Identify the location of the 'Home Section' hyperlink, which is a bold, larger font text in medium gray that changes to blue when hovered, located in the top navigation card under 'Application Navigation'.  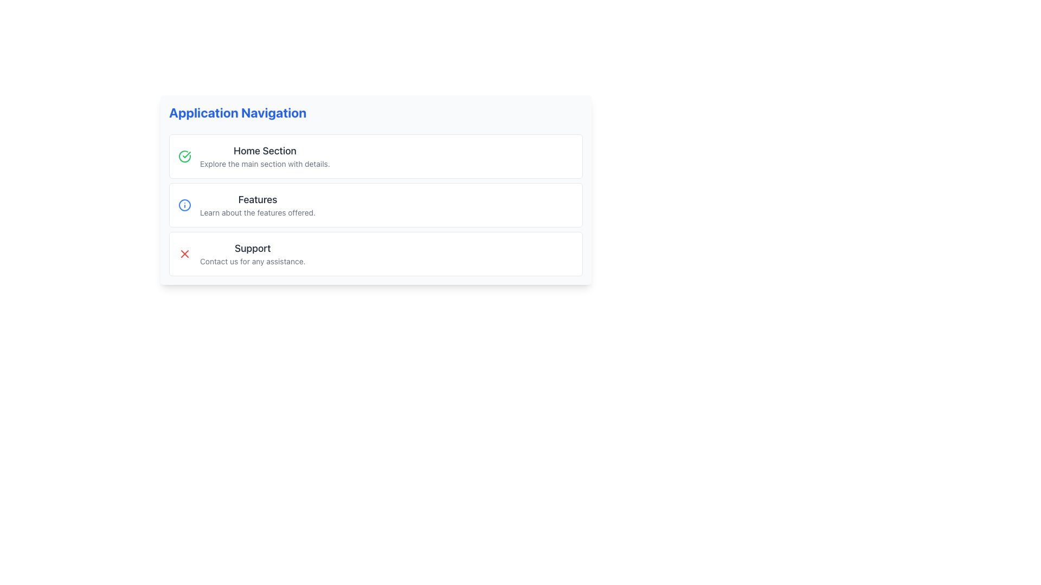
(265, 151).